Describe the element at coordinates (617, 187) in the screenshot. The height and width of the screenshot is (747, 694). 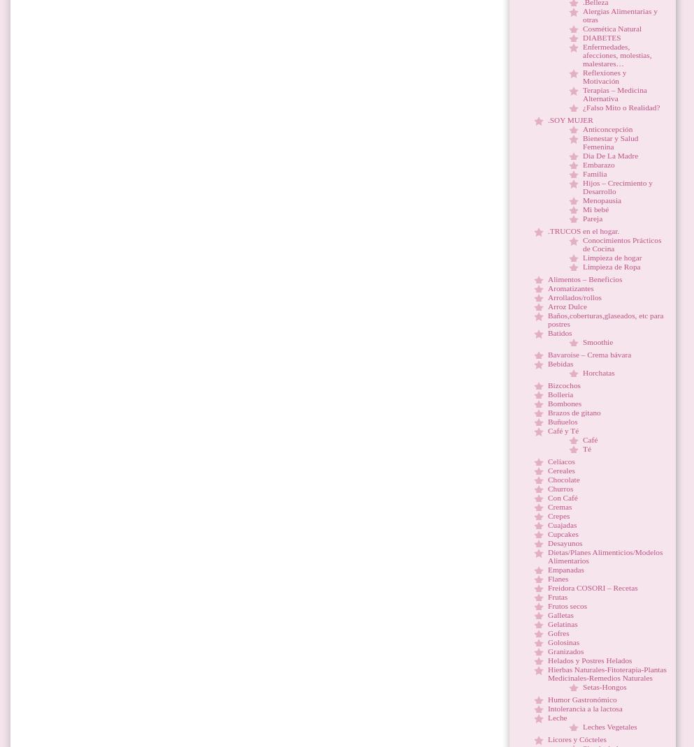
I see `'Hijos – Crecimiento y Desarrollo'` at that location.